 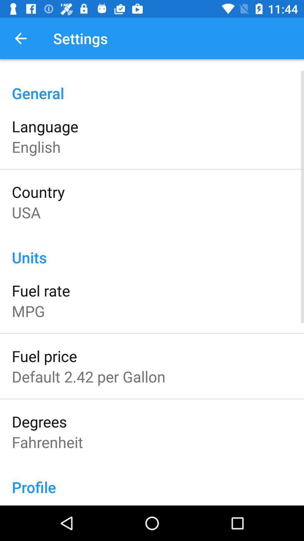 I want to click on the icon below the fuel rate icon, so click(x=28, y=311).